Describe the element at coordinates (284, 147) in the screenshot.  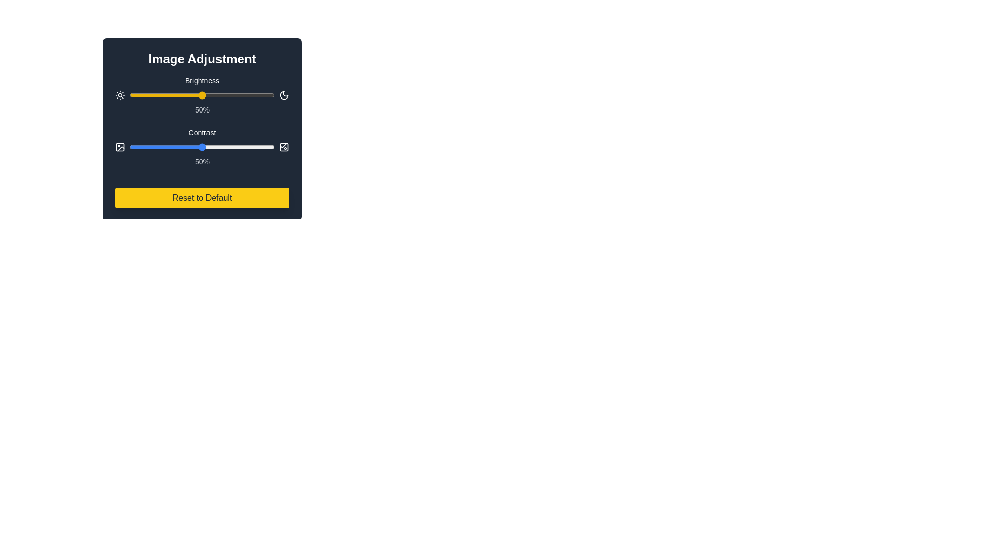
I see `the contrast adjustment icon button located at the far right of the contrast adjustment row` at that location.